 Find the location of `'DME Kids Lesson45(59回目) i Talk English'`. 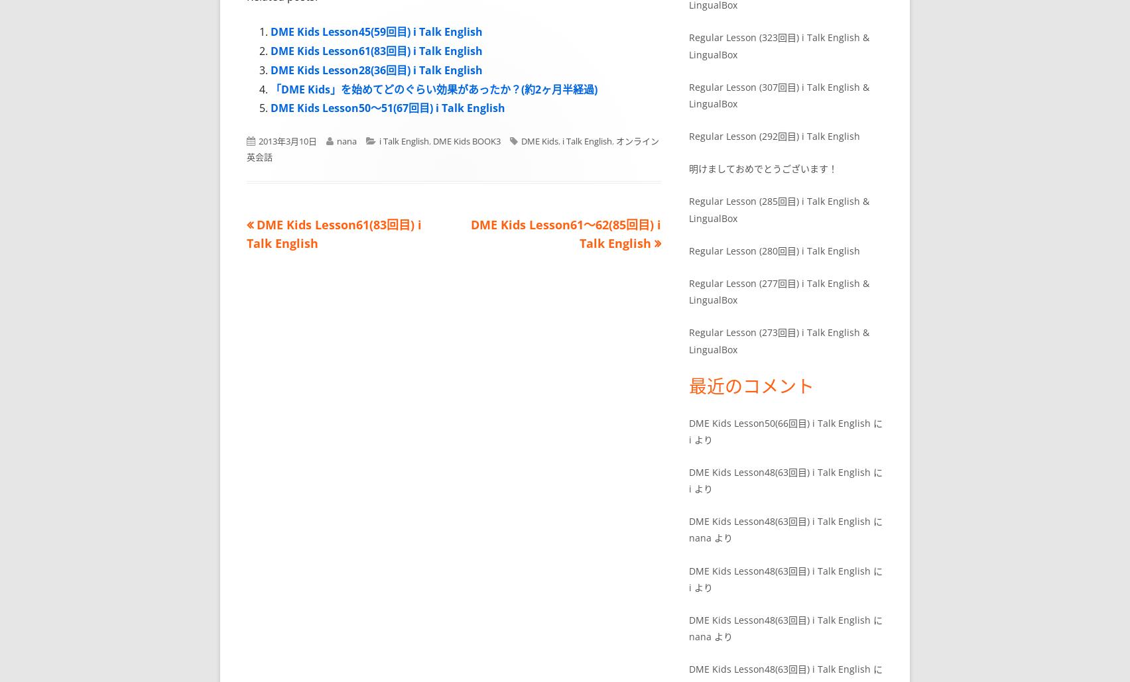

'DME Kids Lesson45(59回目) i Talk English' is located at coordinates (376, 31).